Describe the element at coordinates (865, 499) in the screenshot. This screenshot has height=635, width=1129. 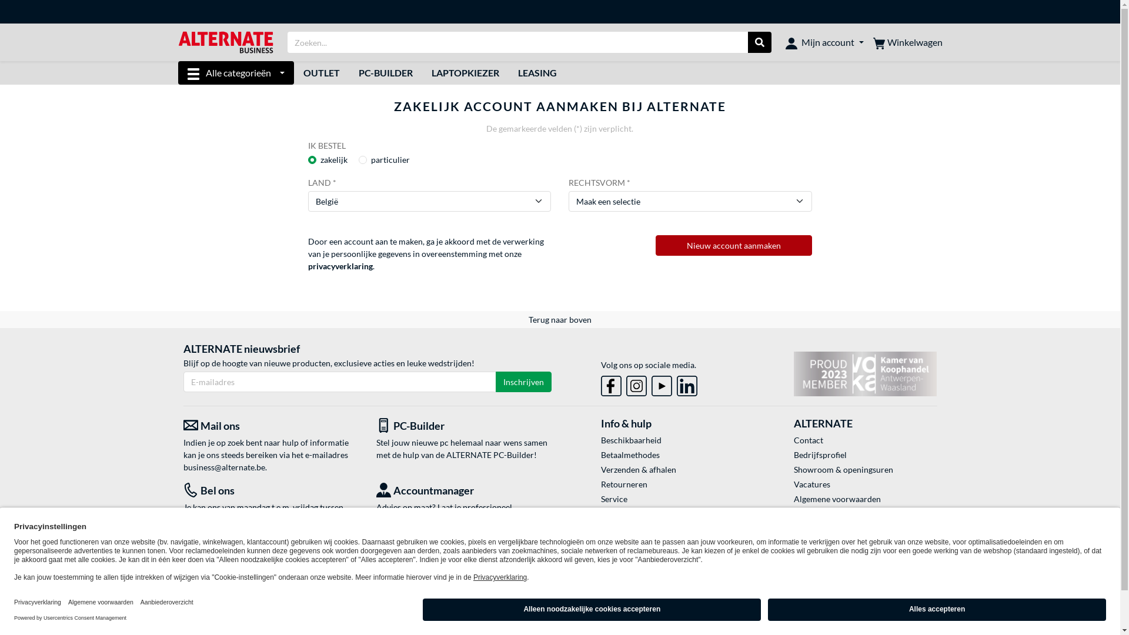
I see `'Algemene voorwaarden'` at that location.